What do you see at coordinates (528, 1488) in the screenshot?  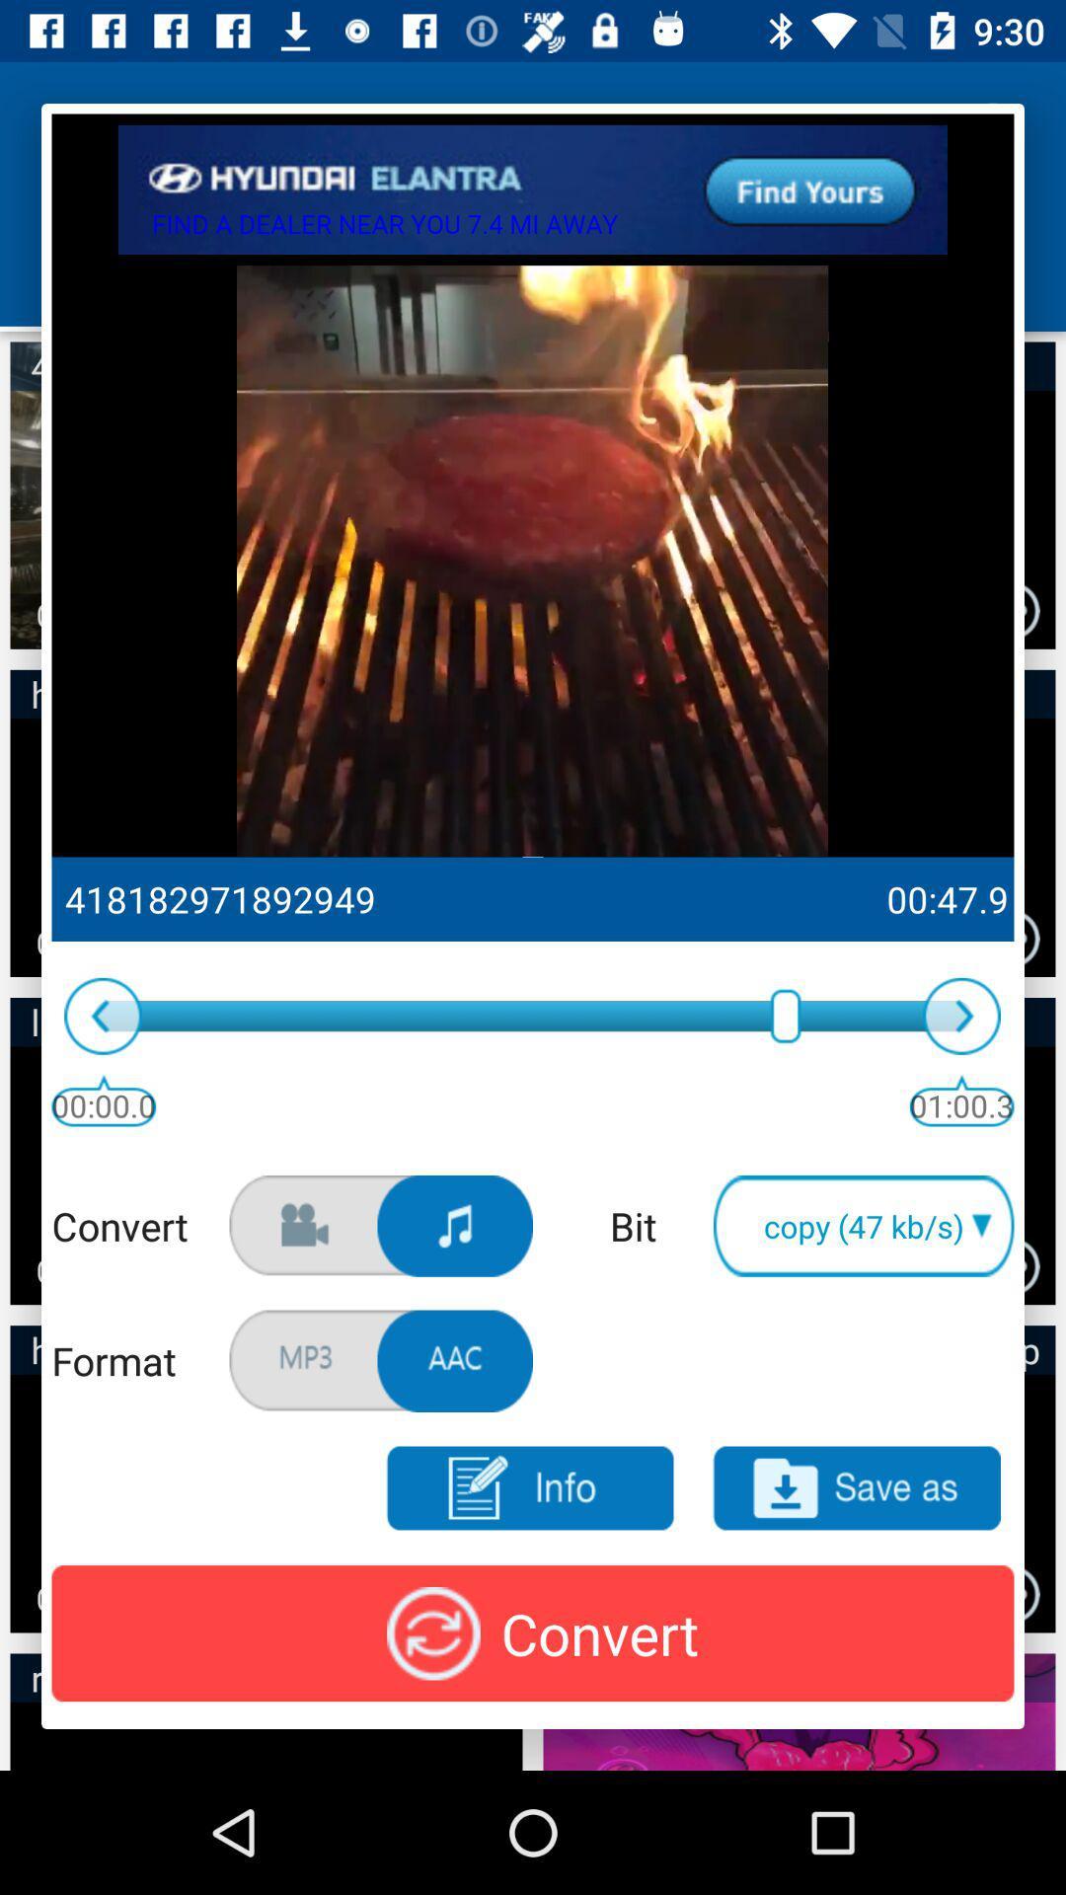 I see `show info` at bounding box center [528, 1488].